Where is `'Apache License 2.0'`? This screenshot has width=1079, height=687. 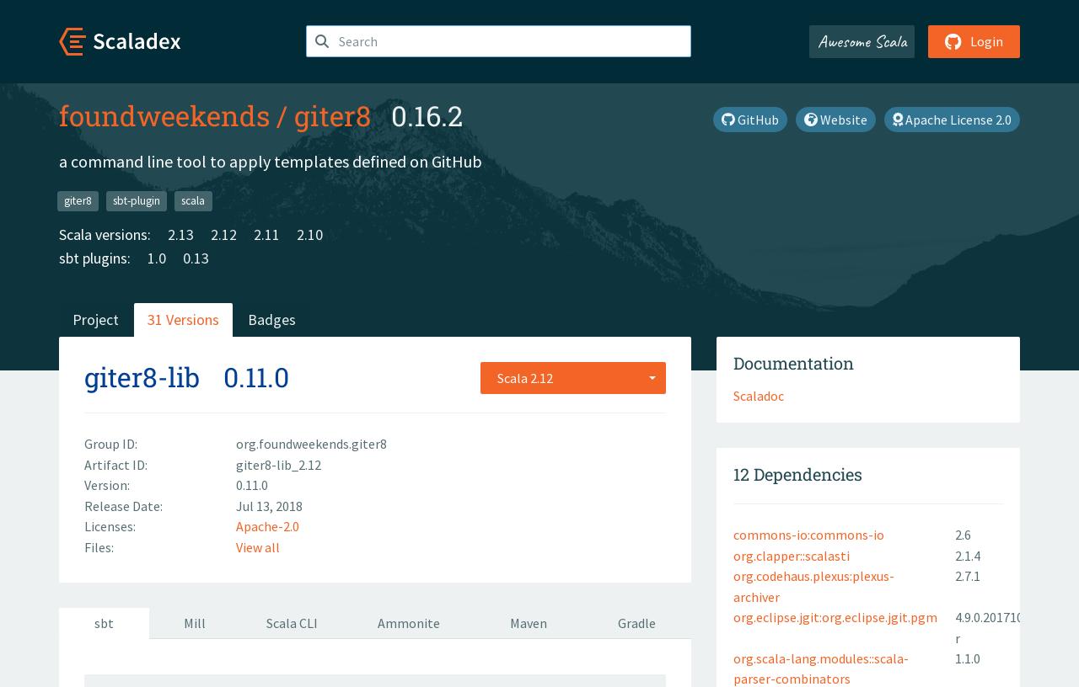 'Apache License 2.0' is located at coordinates (901, 119).